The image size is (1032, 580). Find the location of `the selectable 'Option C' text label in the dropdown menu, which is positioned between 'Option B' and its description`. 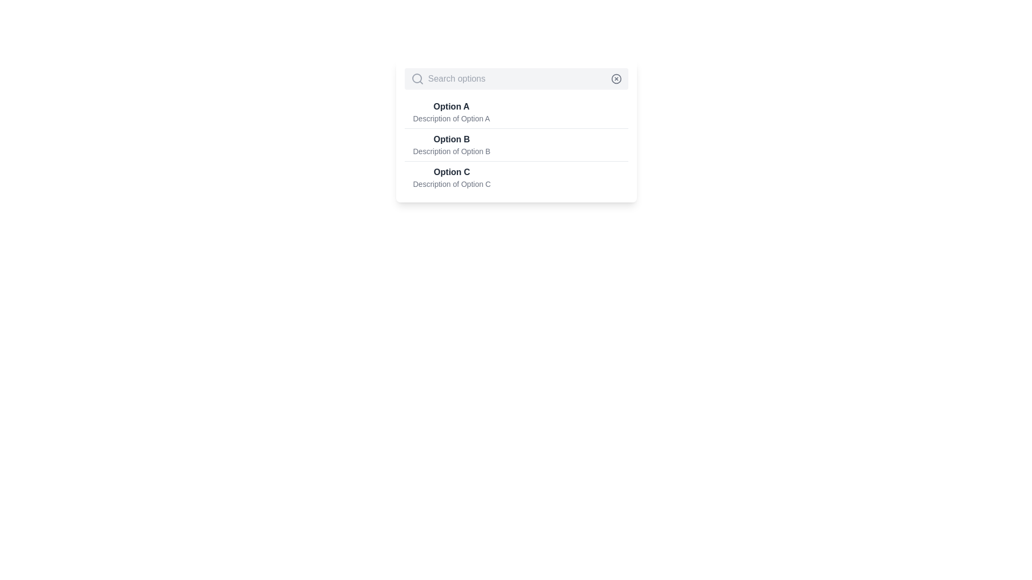

the selectable 'Option C' text label in the dropdown menu, which is positioned between 'Option B' and its description is located at coordinates (451, 171).